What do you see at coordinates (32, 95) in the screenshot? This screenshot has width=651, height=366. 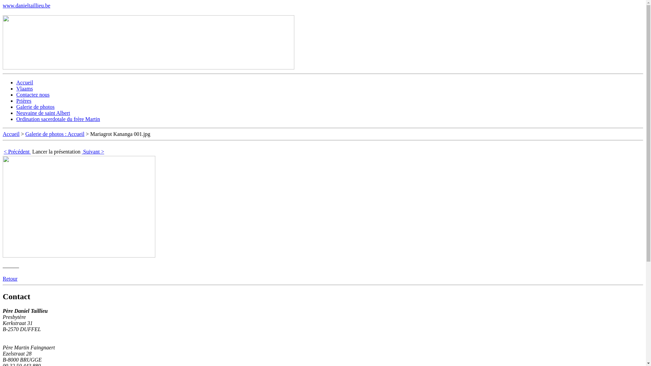 I see `'Contactez nous'` at bounding box center [32, 95].